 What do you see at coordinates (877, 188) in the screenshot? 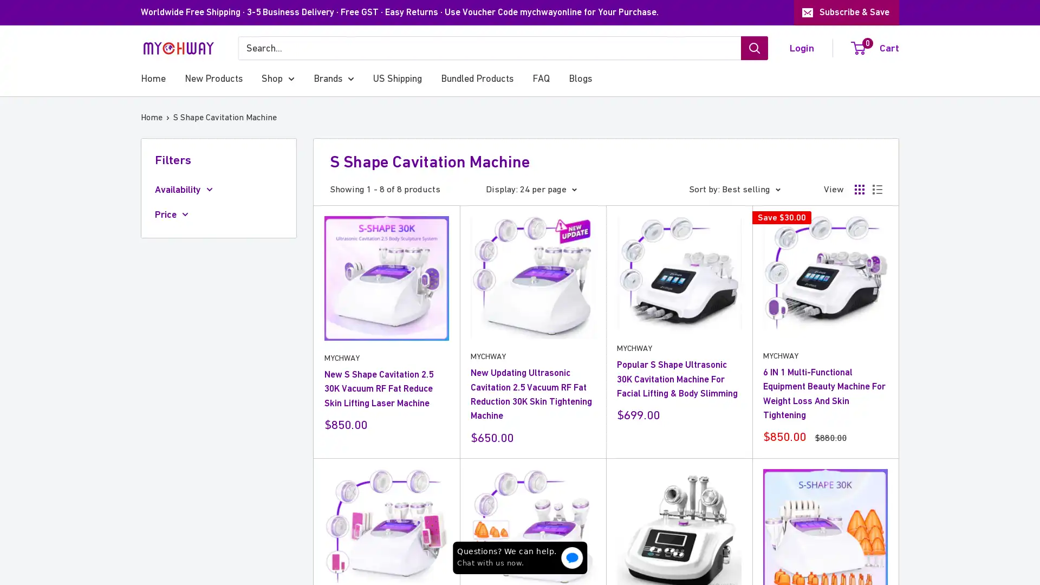
I see `Display products as list` at bounding box center [877, 188].